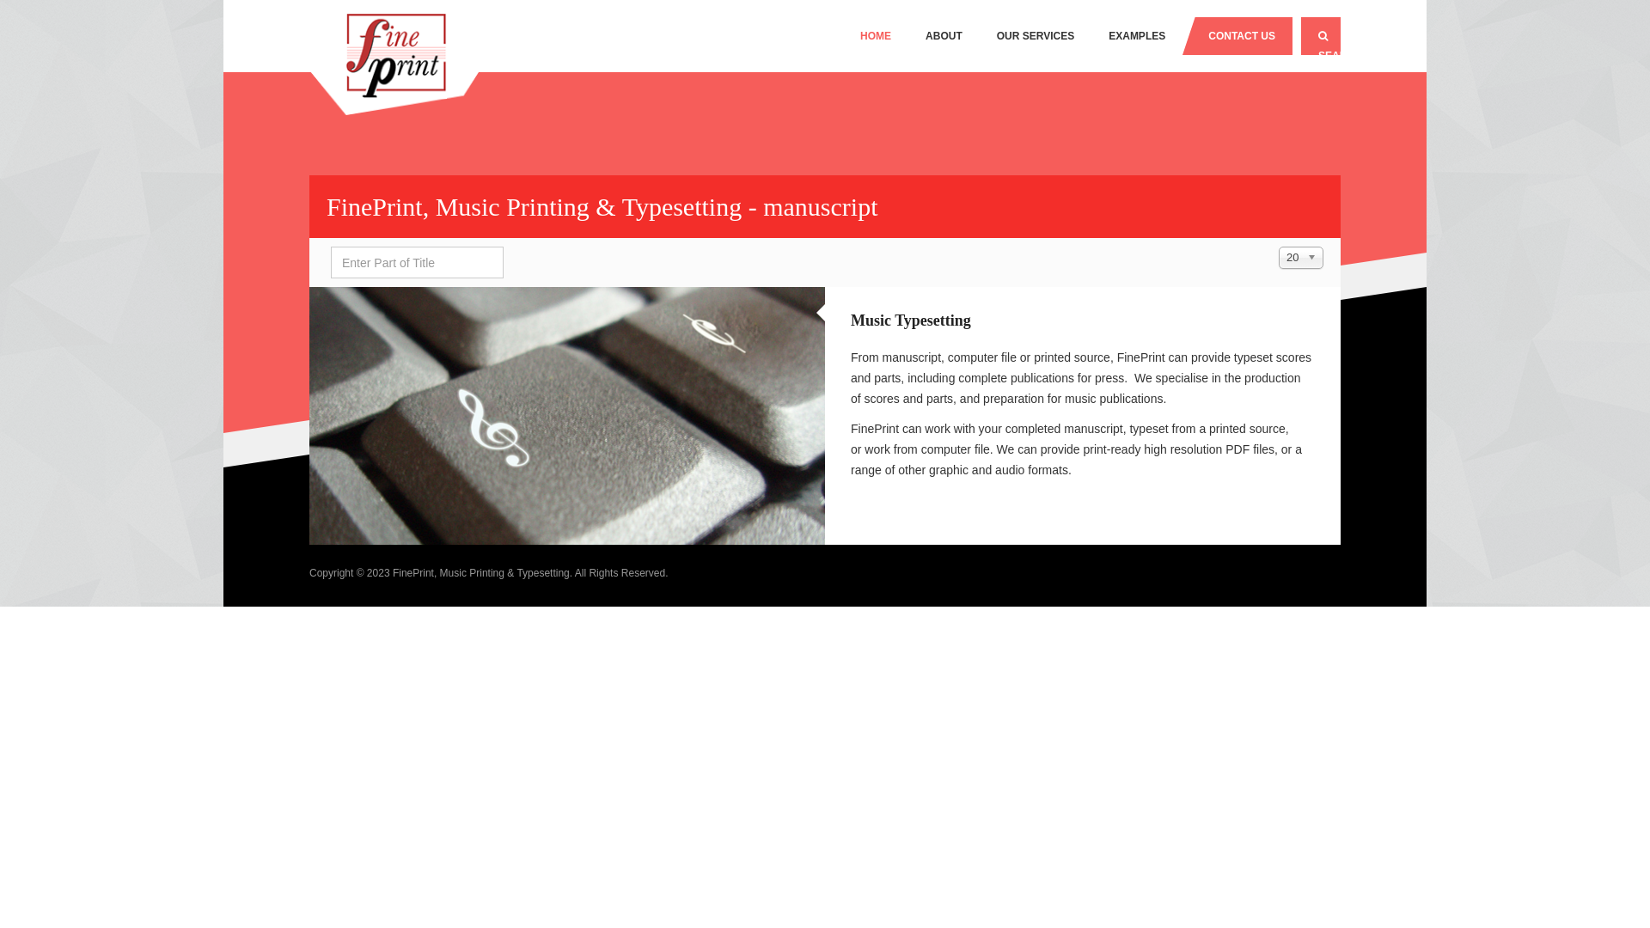 This screenshot has width=1650, height=928. What do you see at coordinates (1319, 36) in the screenshot?
I see `'SEARCH'` at bounding box center [1319, 36].